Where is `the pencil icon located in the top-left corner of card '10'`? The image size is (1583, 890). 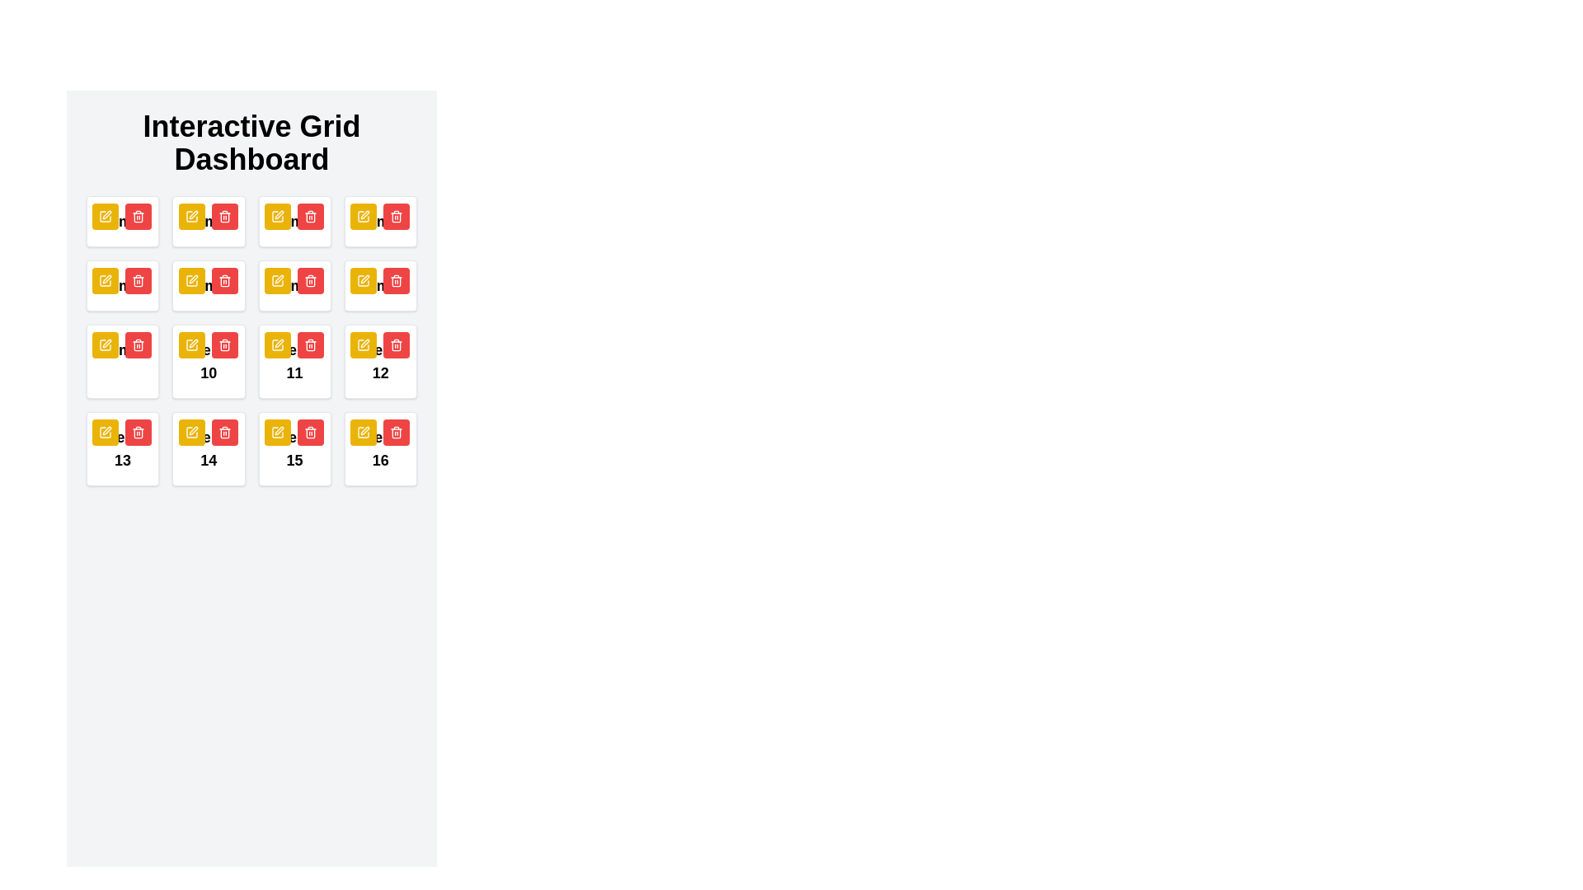
the pencil icon located in the top-left corner of card '10' is located at coordinates (191, 279).